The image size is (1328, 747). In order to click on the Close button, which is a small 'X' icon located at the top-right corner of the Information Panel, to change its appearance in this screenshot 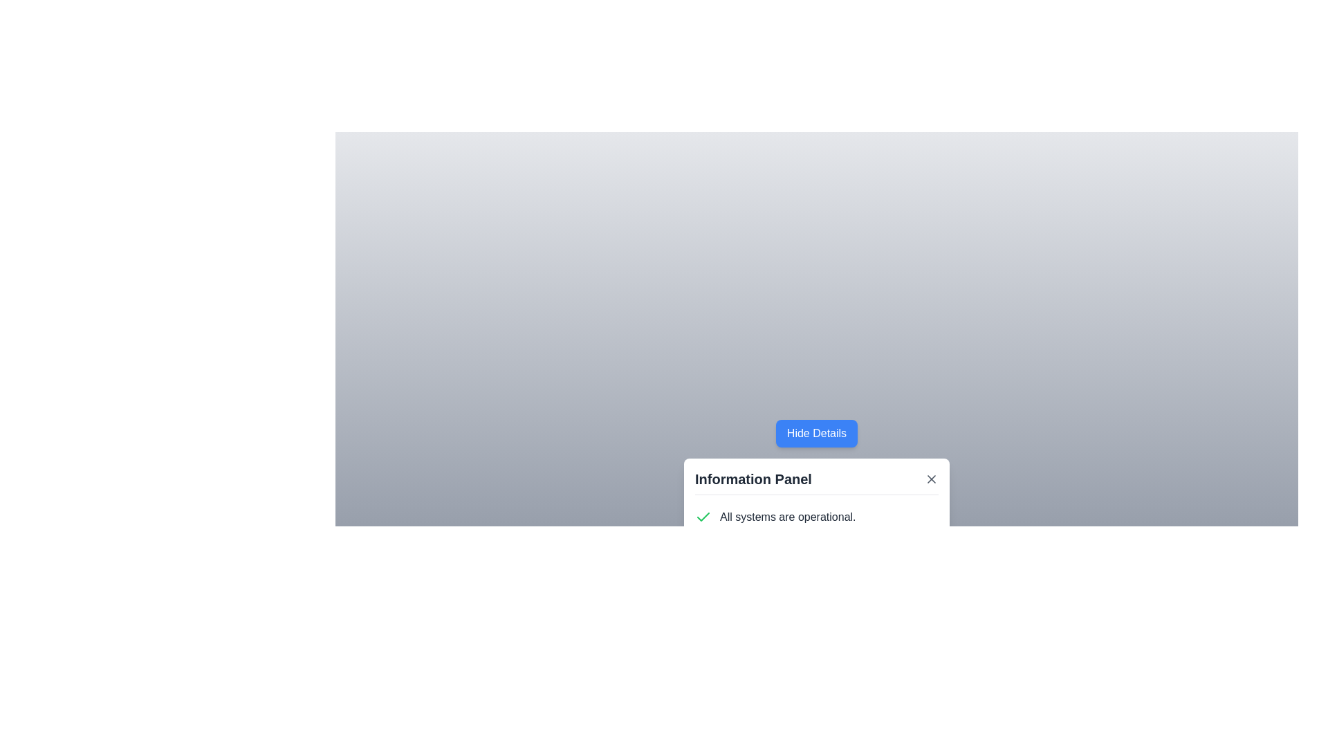, I will do `click(932, 477)`.